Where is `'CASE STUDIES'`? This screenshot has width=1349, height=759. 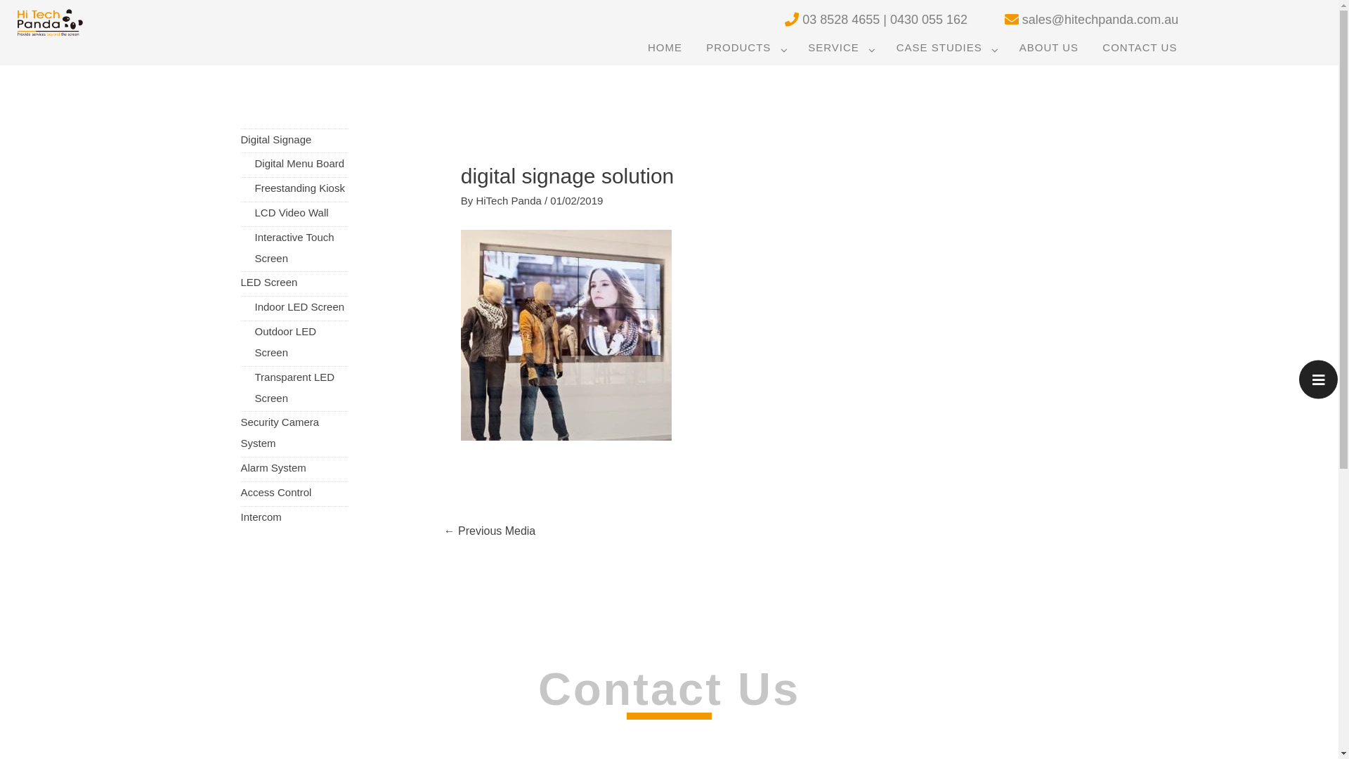
'CASE STUDIES' is located at coordinates (885, 47).